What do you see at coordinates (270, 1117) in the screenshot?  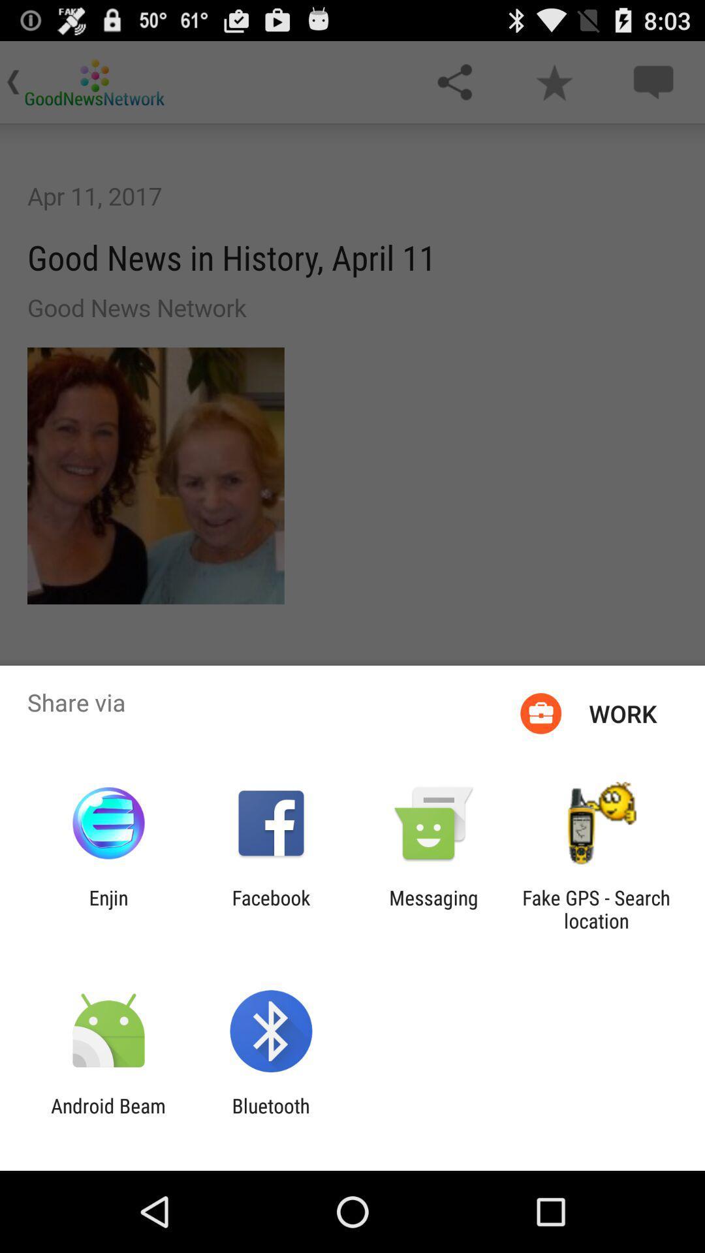 I see `bluetooth` at bounding box center [270, 1117].